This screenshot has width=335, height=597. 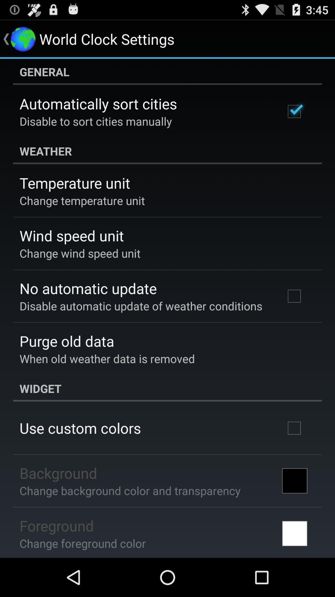 I want to click on the icon below purge old data item, so click(x=107, y=359).